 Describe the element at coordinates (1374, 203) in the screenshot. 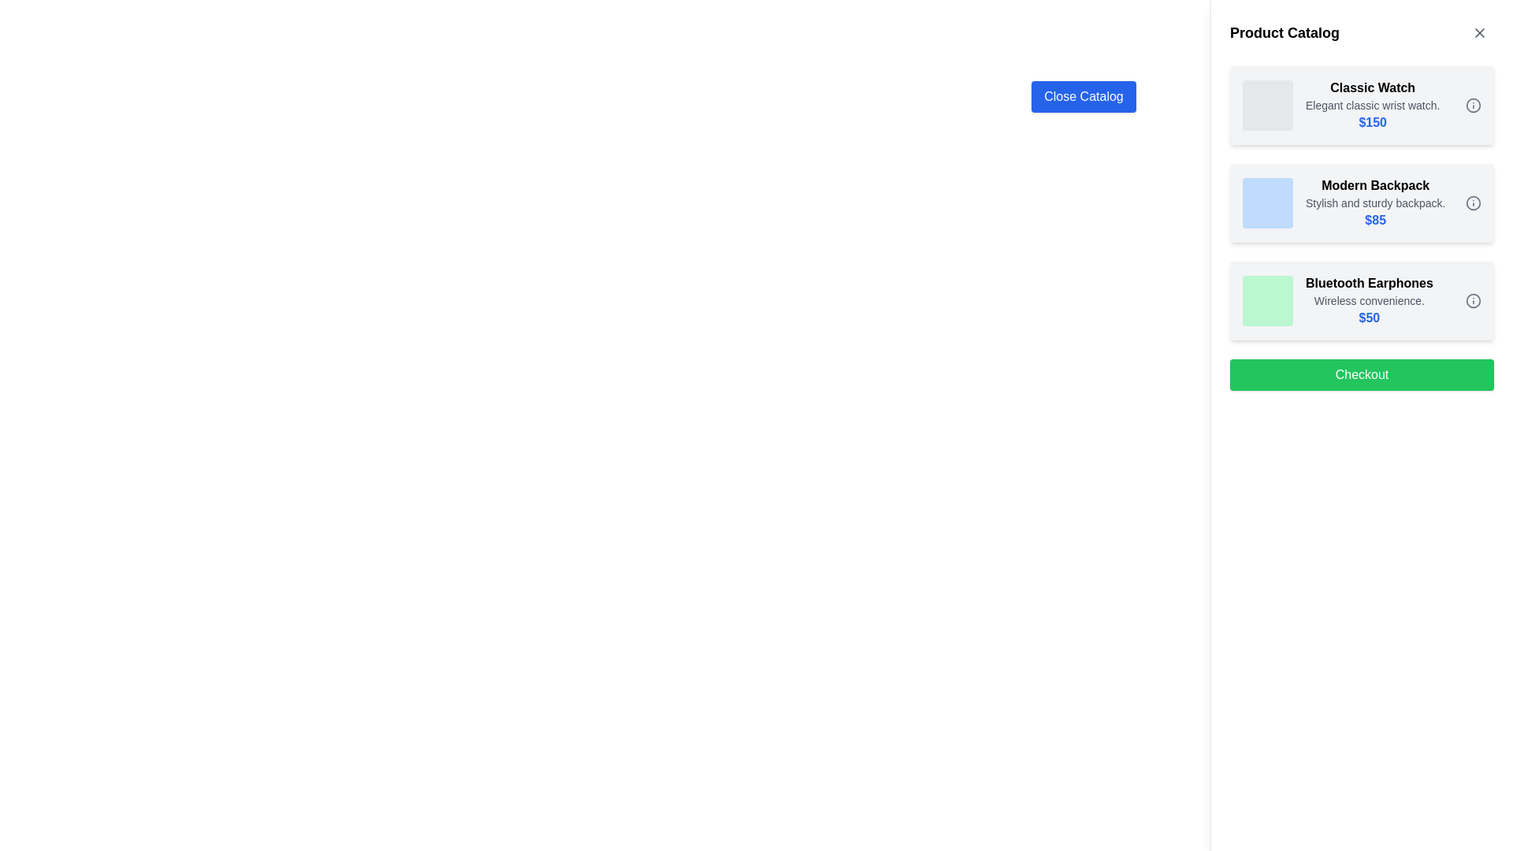

I see `product details from the text-based product display element located on the right side of the interface, specifically the second item in the list after 'Classic Watch'` at that location.